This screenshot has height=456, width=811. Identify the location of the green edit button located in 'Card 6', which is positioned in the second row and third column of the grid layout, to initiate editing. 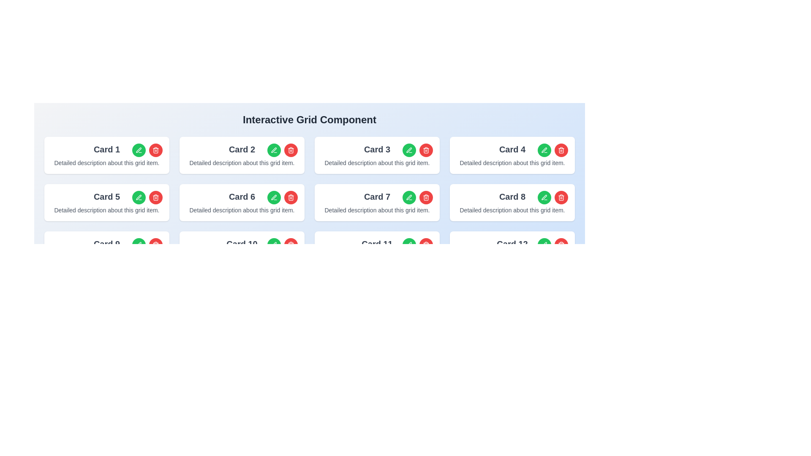
(274, 244).